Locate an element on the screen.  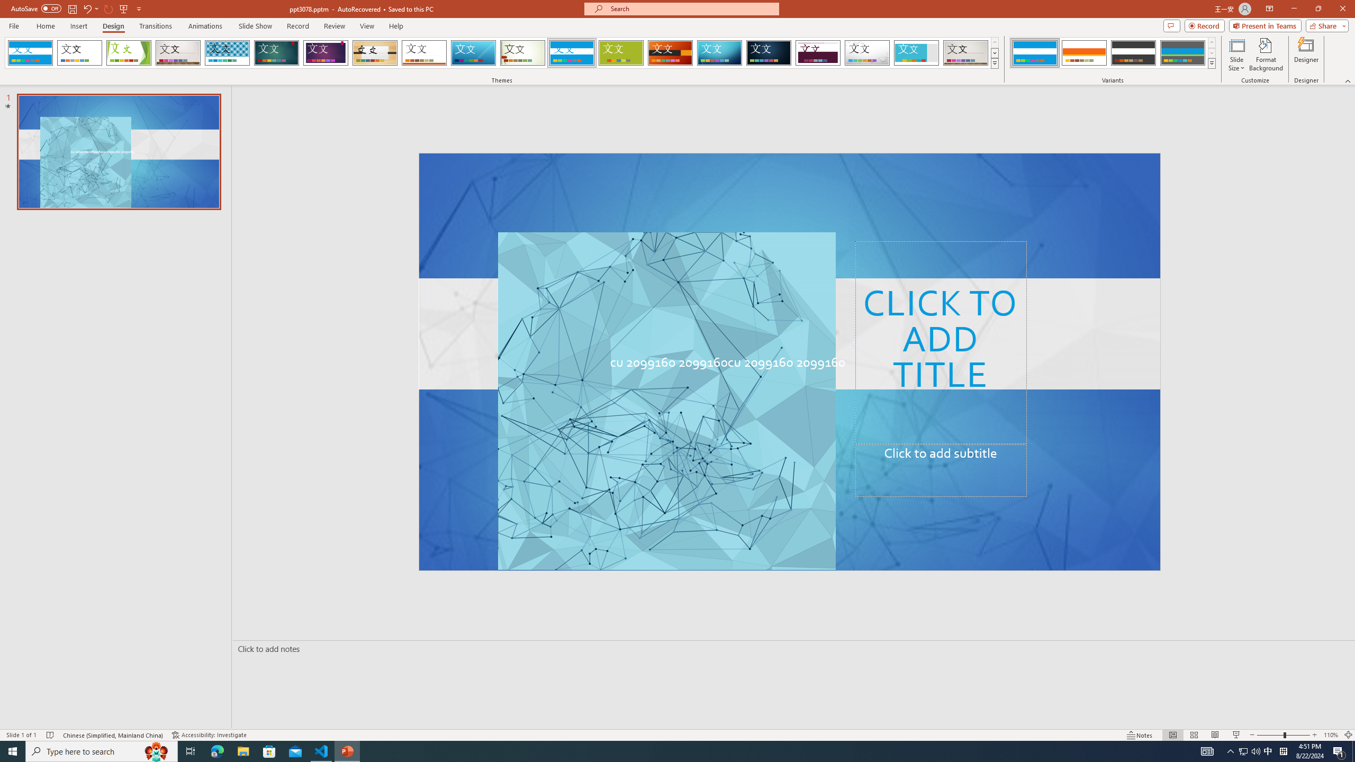
'Facet' is located at coordinates (128, 52).